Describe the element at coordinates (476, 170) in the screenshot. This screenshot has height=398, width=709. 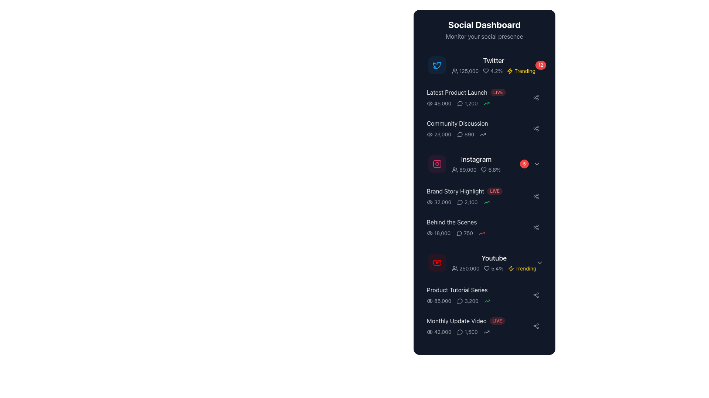
I see `the area adjacent to the Composite informational text and icon group displaying Instagram metrics` at that location.